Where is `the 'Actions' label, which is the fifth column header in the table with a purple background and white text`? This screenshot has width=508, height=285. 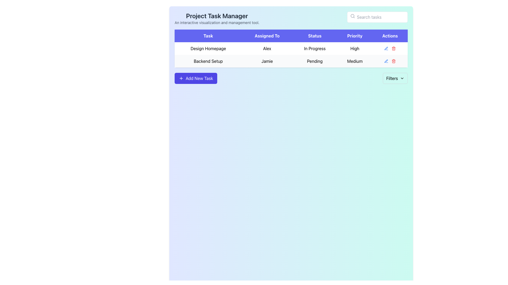
the 'Actions' label, which is the fifth column header in the table with a purple background and white text is located at coordinates (390, 36).